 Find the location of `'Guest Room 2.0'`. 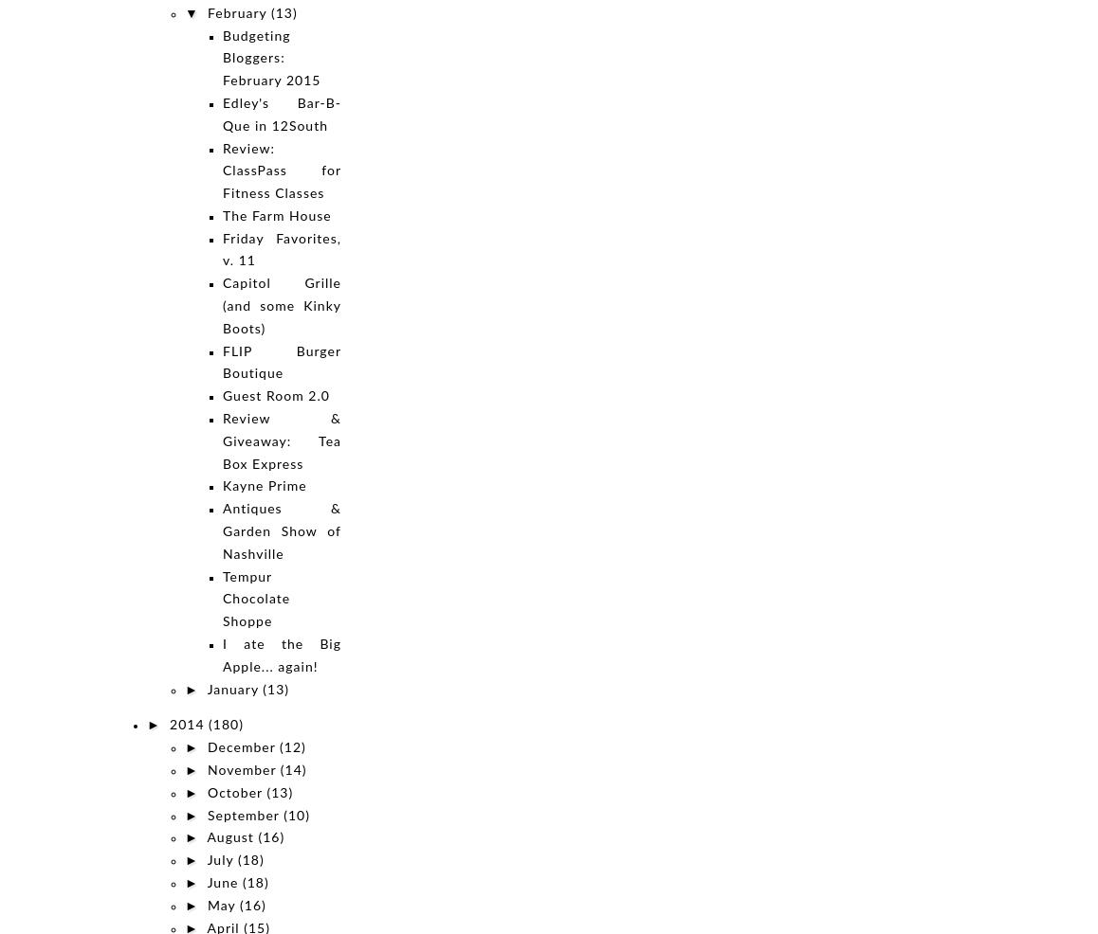

'Guest Room 2.0' is located at coordinates (276, 396).